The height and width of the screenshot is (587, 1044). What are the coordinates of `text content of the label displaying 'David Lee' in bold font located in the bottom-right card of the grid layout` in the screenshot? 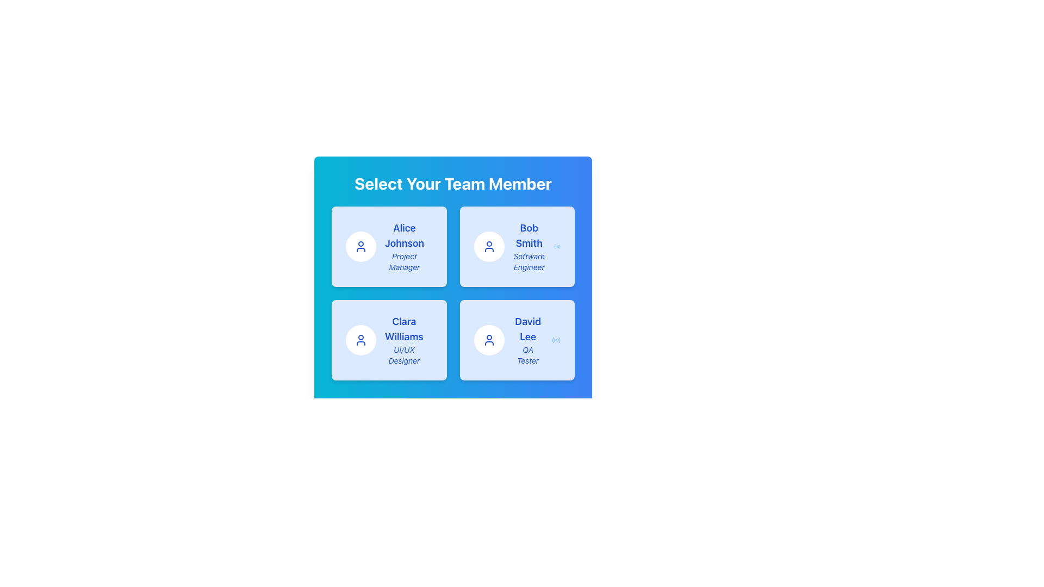 It's located at (528, 328).